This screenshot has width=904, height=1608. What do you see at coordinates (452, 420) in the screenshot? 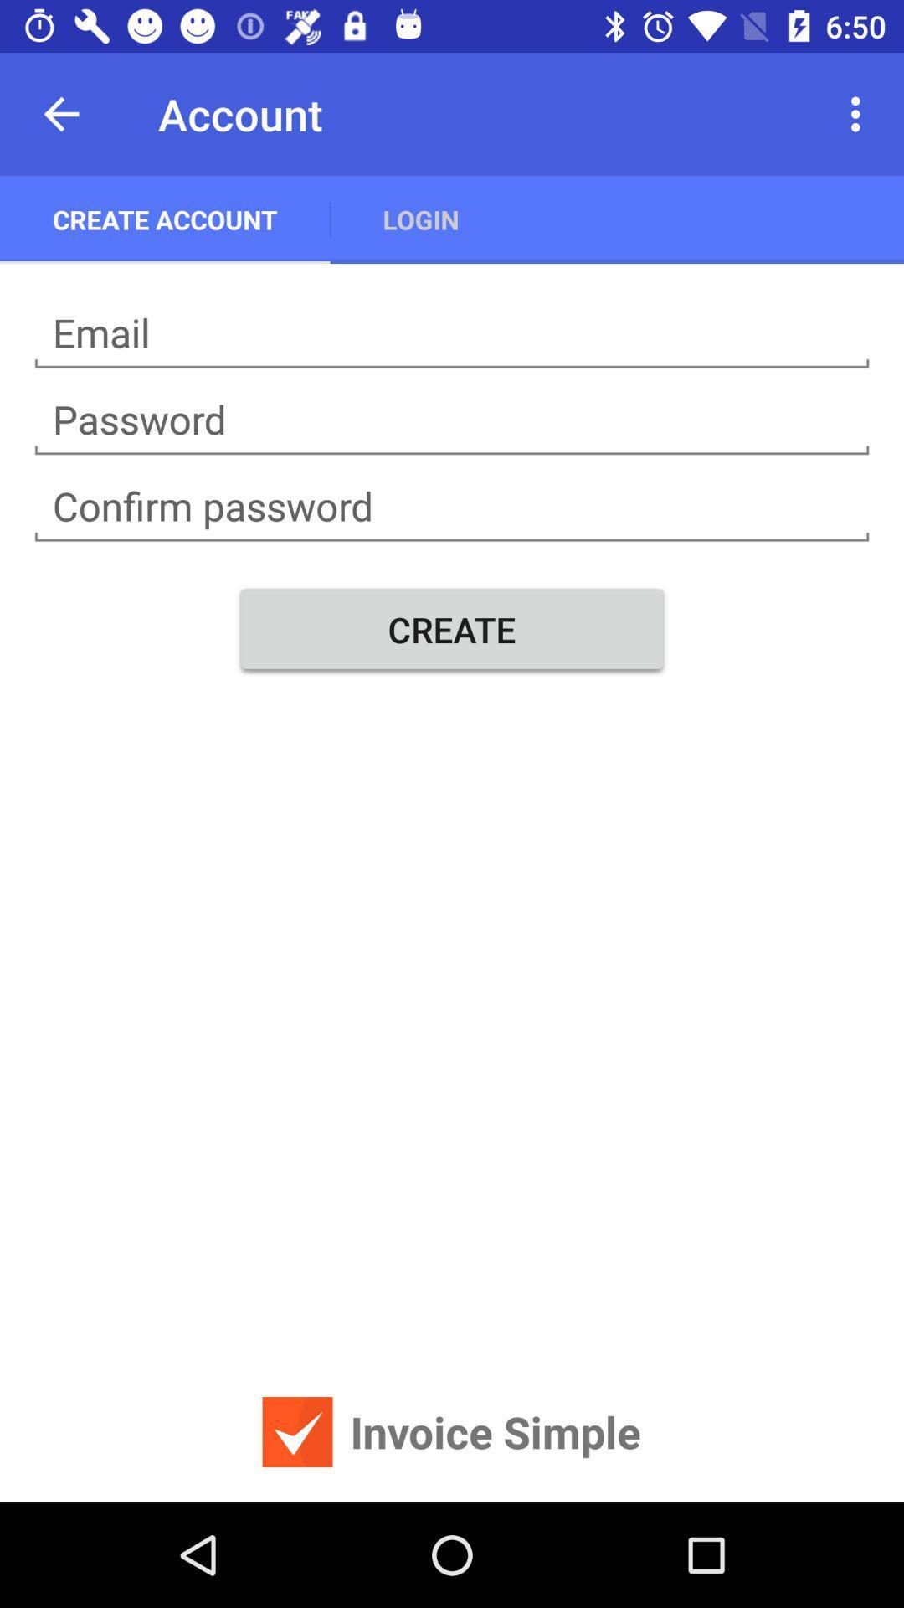
I see `creat password` at bounding box center [452, 420].